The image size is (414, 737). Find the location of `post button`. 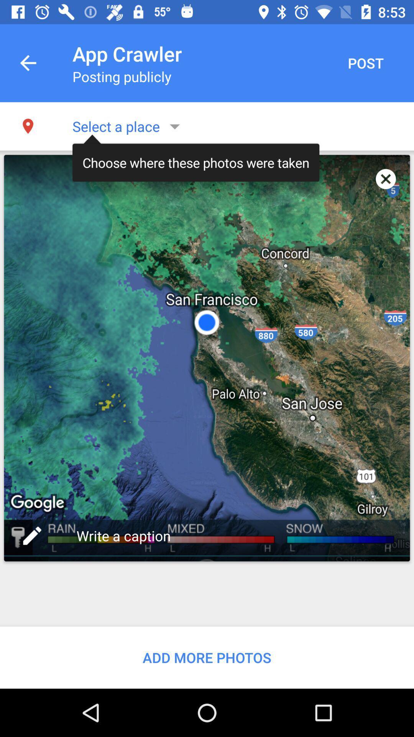

post button is located at coordinates (365, 63).